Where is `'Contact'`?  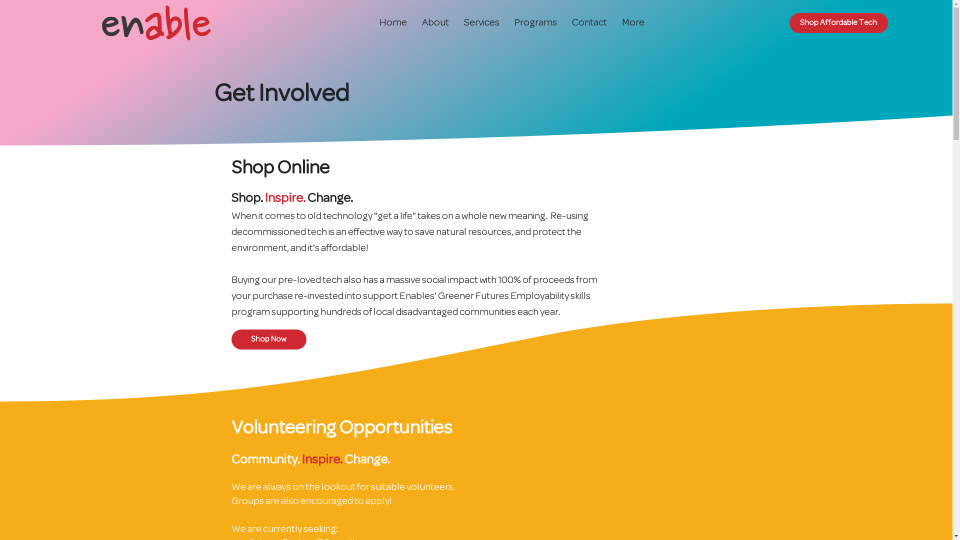 'Contact' is located at coordinates (564, 22).